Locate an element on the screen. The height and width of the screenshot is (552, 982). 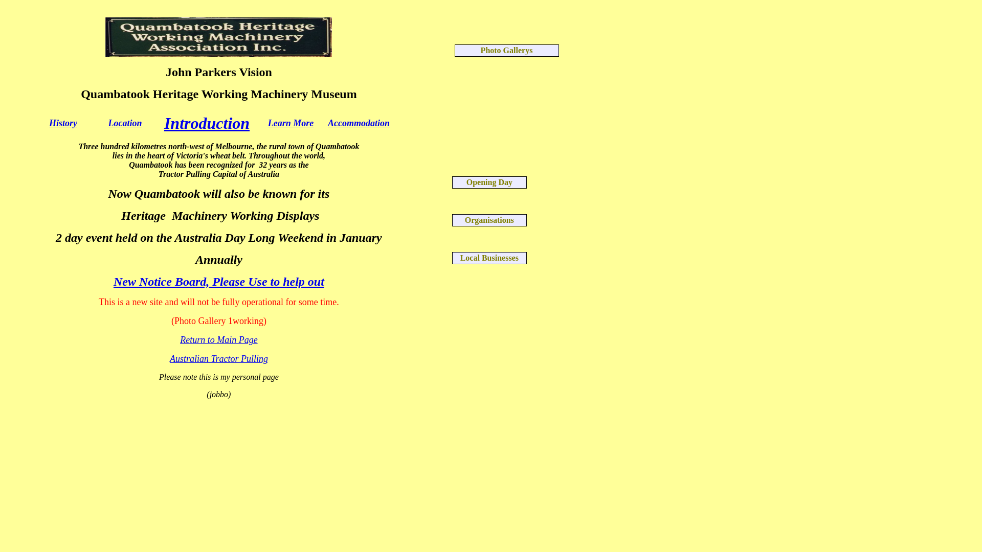
'Australian Tractor Pulling' is located at coordinates (169, 358).